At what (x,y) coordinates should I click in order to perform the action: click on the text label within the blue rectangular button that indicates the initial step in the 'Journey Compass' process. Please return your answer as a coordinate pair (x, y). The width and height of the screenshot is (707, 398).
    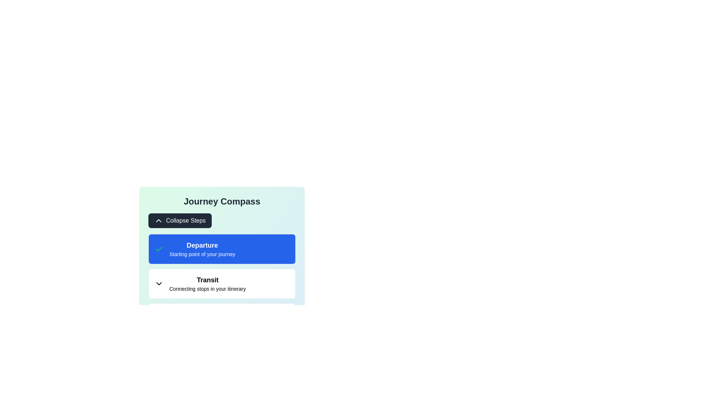
    Looking at the image, I should click on (202, 249).